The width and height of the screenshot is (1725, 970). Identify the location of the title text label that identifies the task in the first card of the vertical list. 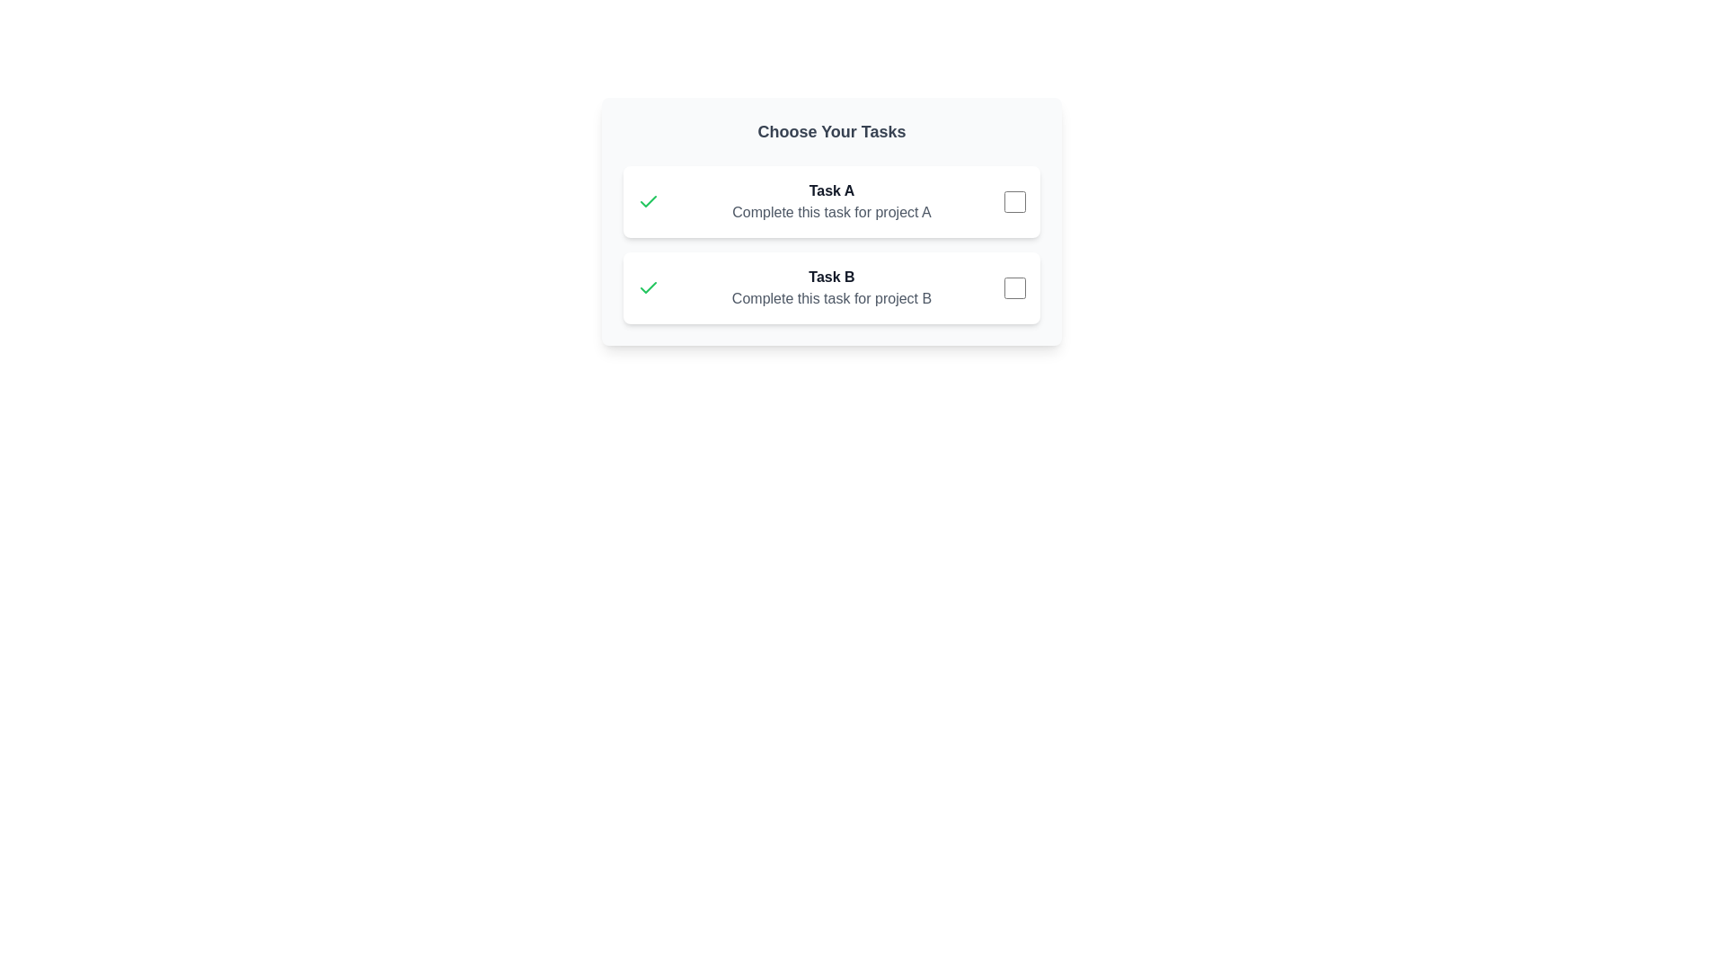
(831, 190).